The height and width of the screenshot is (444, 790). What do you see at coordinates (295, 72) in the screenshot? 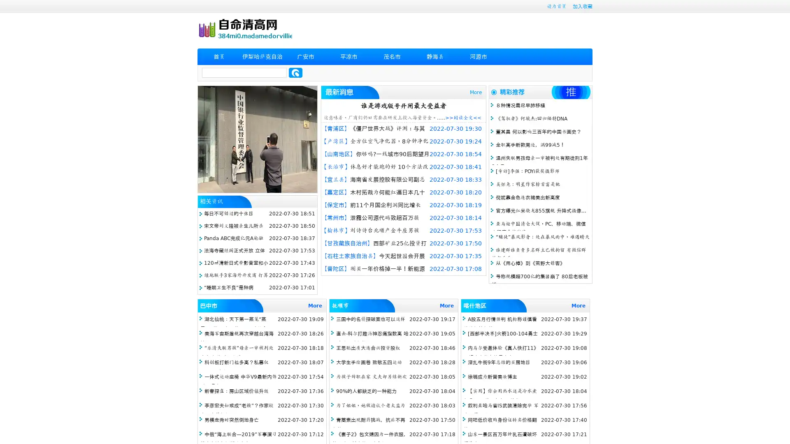
I see `Search` at bounding box center [295, 72].